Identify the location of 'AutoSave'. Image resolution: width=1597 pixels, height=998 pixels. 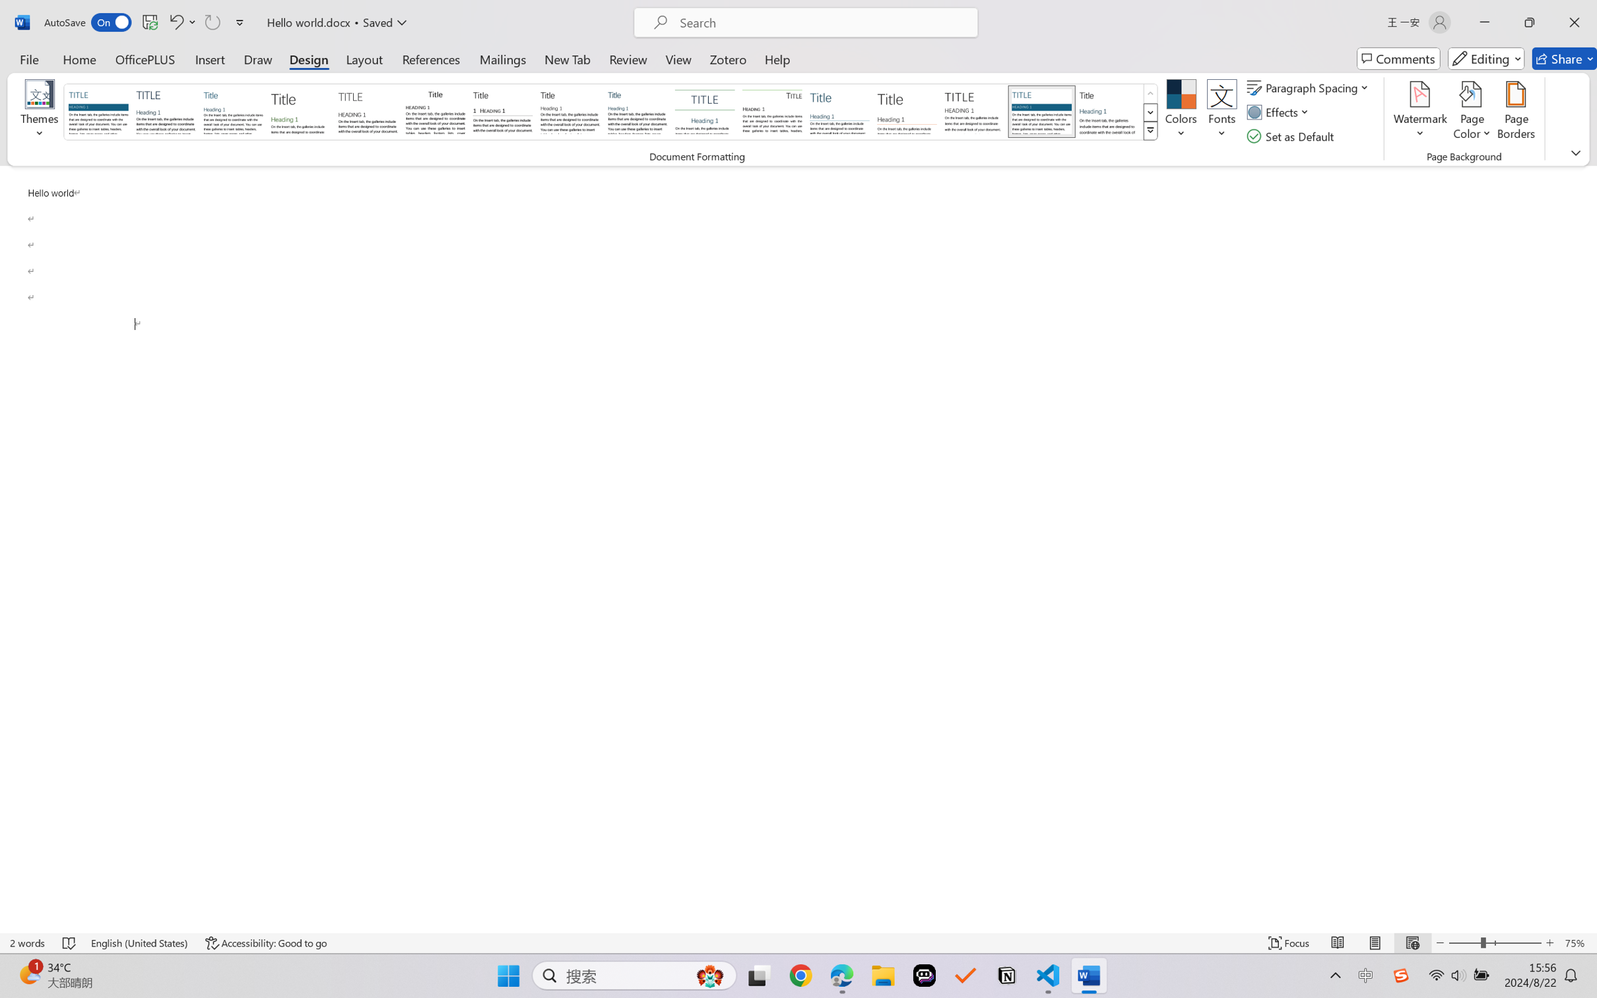
(88, 22).